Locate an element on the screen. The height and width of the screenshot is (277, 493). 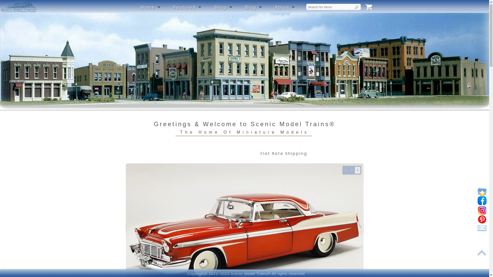
'View Shopping Cart' is located at coordinates (365, 9).